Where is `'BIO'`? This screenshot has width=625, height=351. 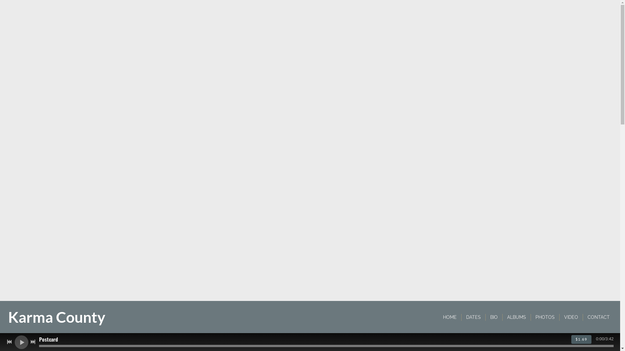 'BIO' is located at coordinates (494, 317).